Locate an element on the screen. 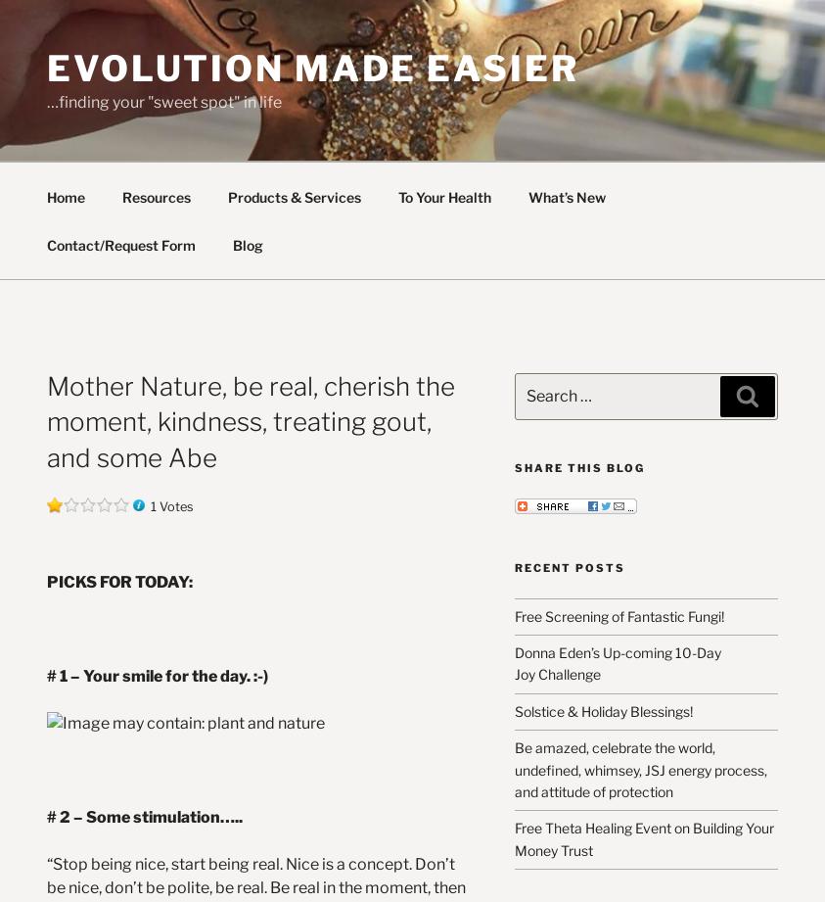 Image resolution: width=825 pixels, height=902 pixels. '# 2 – Some stimulation…..' is located at coordinates (145, 815).